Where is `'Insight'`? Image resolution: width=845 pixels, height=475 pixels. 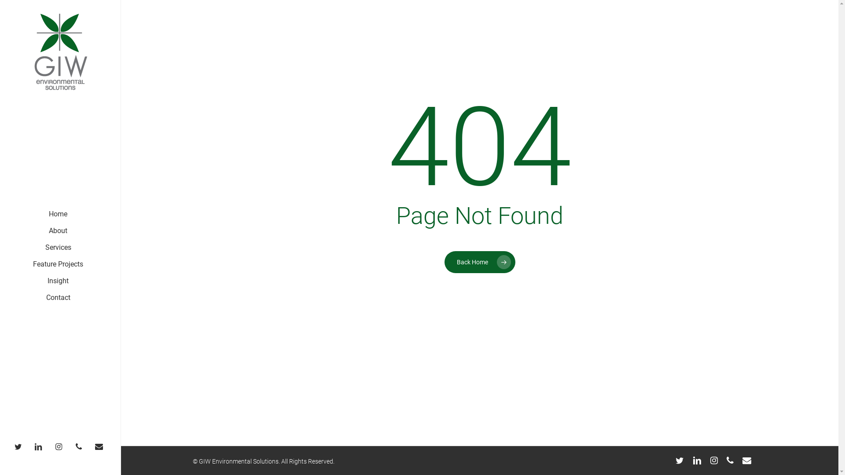
'Insight' is located at coordinates (58, 281).